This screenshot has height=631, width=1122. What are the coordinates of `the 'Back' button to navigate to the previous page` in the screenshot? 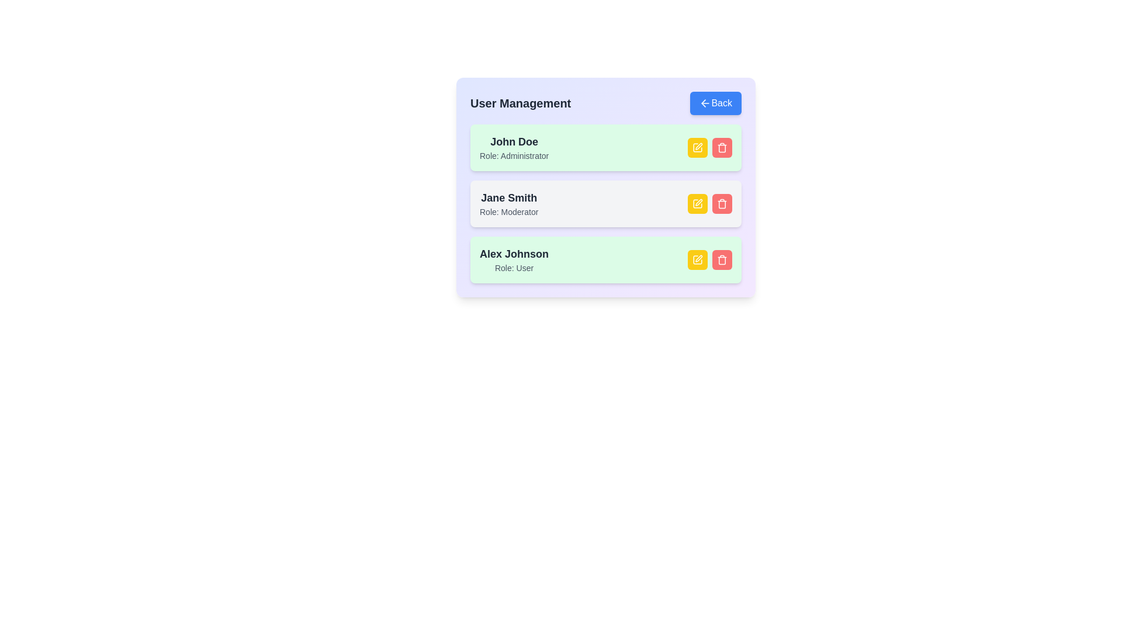 It's located at (715, 103).